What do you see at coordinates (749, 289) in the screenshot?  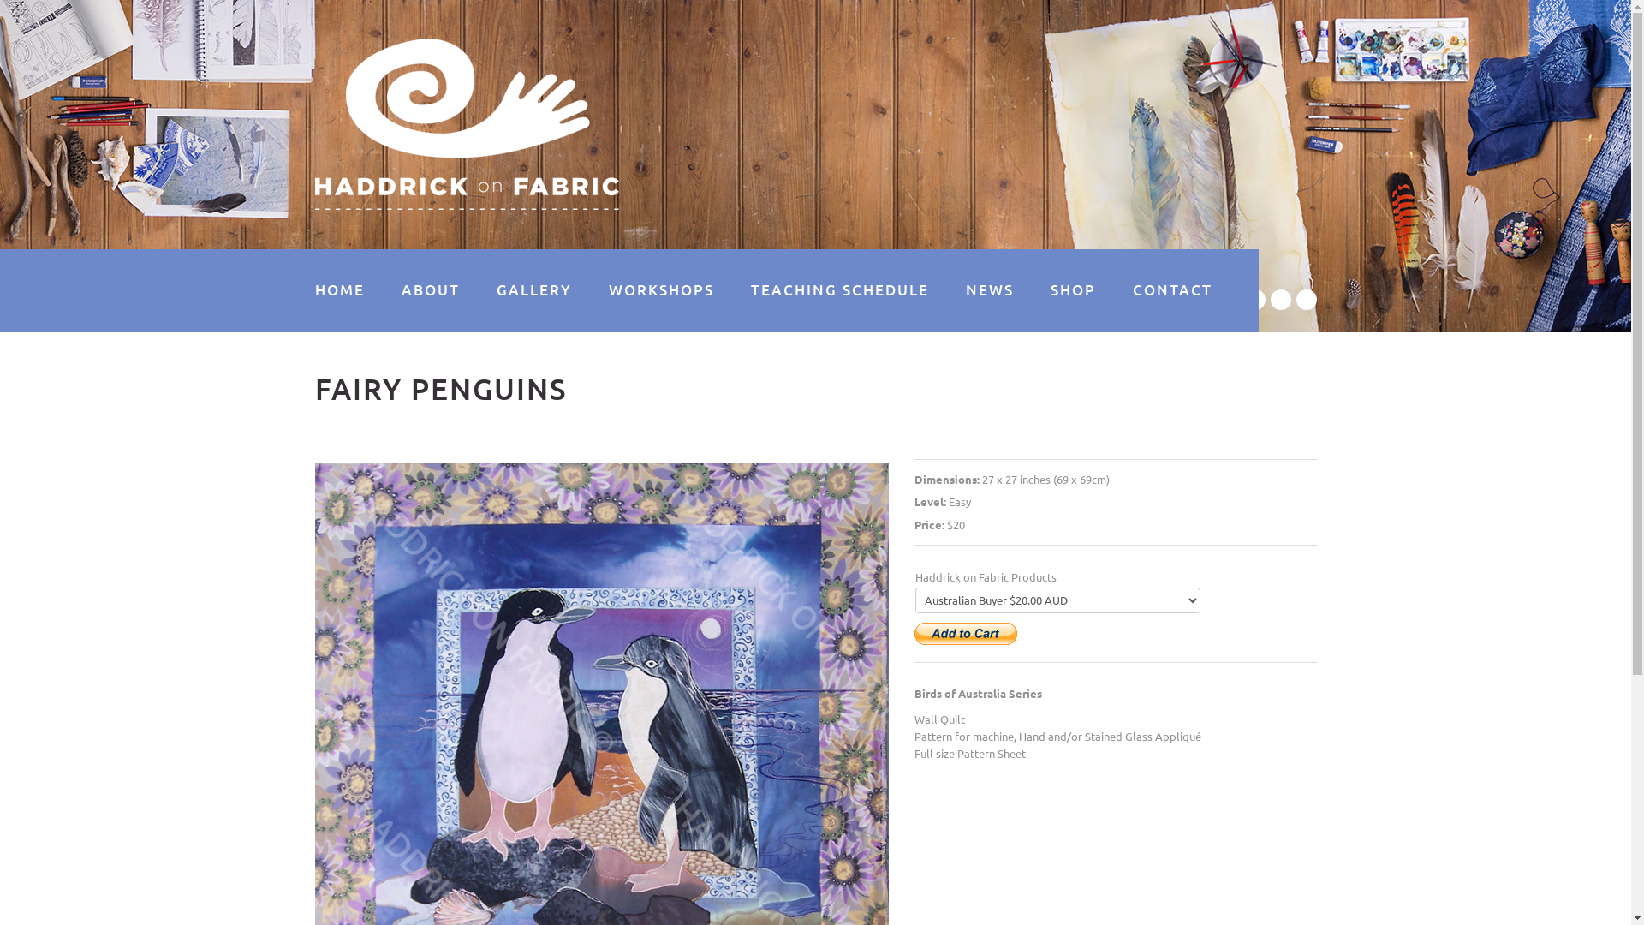 I see `'TEACHING SCHEDULE'` at bounding box center [749, 289].